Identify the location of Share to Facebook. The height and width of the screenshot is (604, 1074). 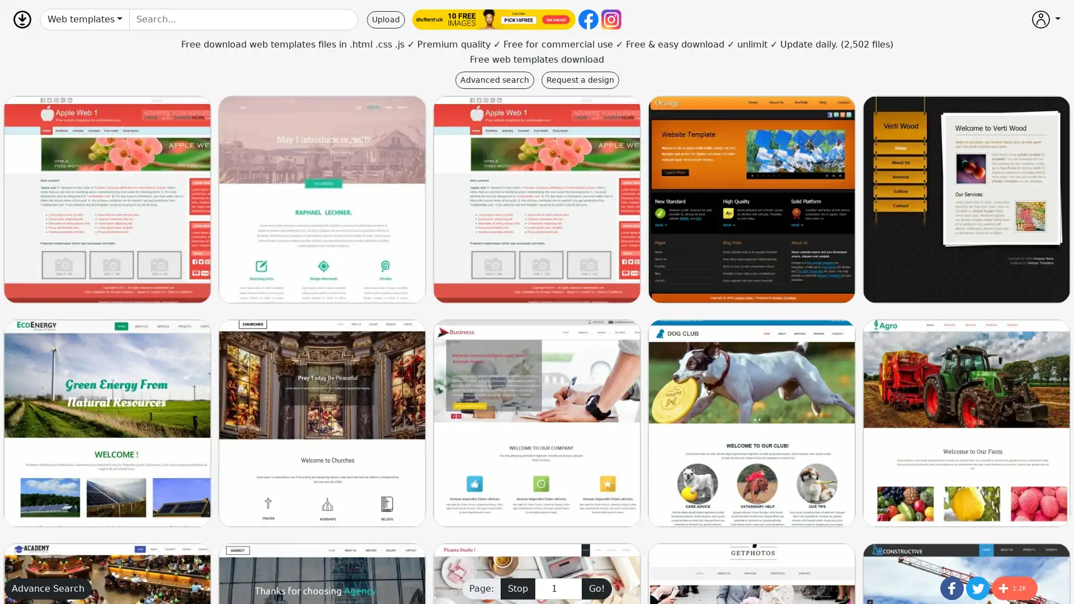
(951, 588).